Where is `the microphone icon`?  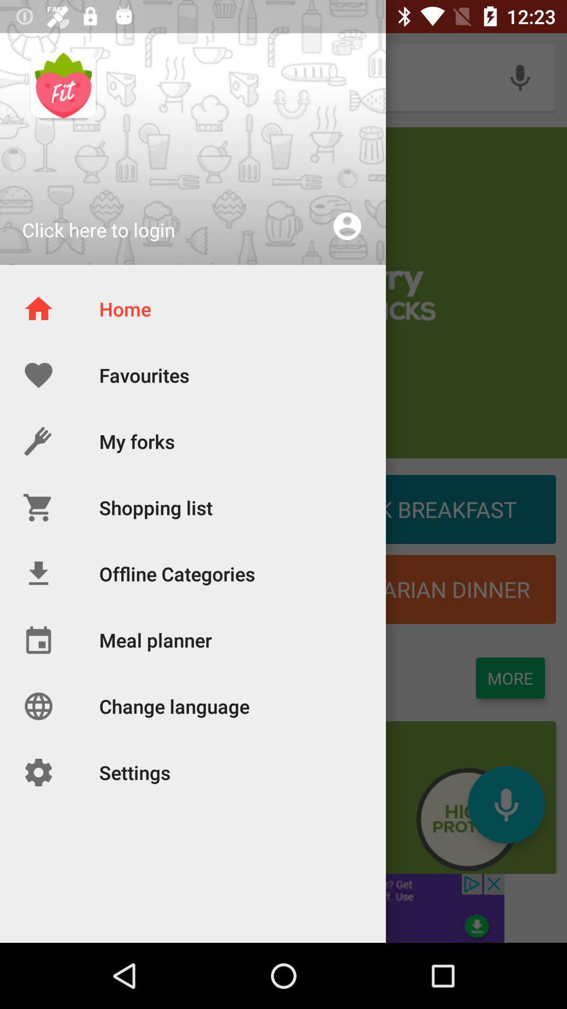 the microphone icon is located at coordinates (520, 77).